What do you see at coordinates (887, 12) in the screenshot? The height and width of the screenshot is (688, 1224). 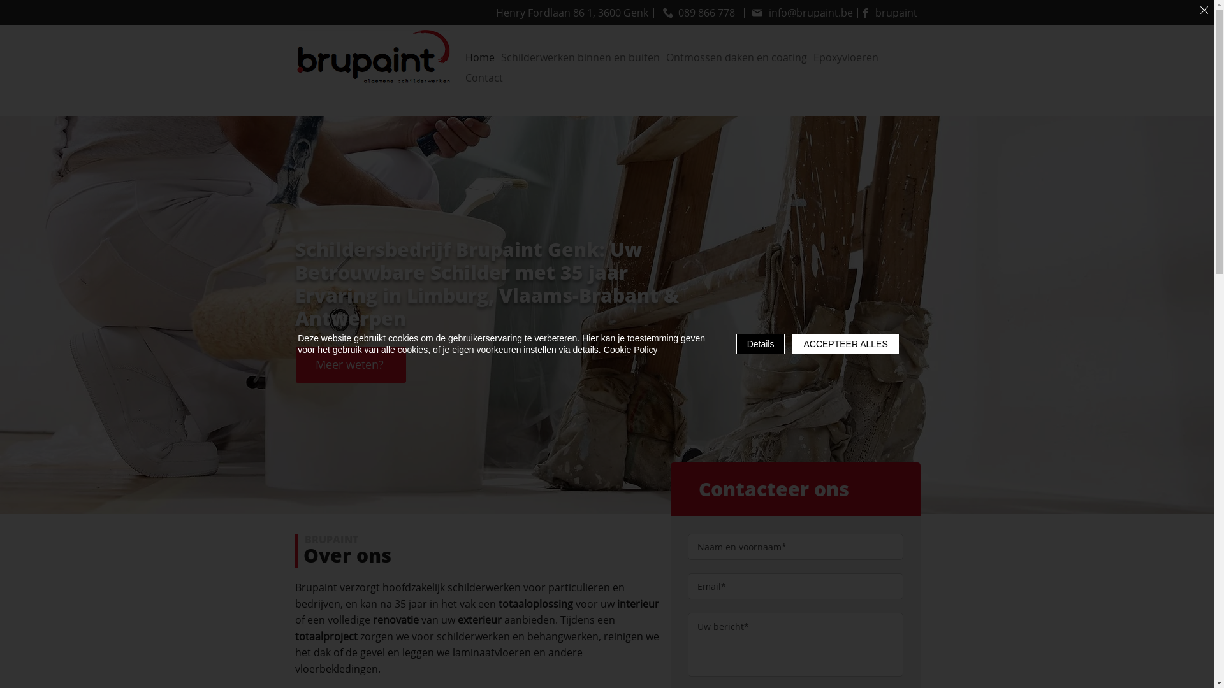 I see `'brupaint'` at bounding box center [887, 12].